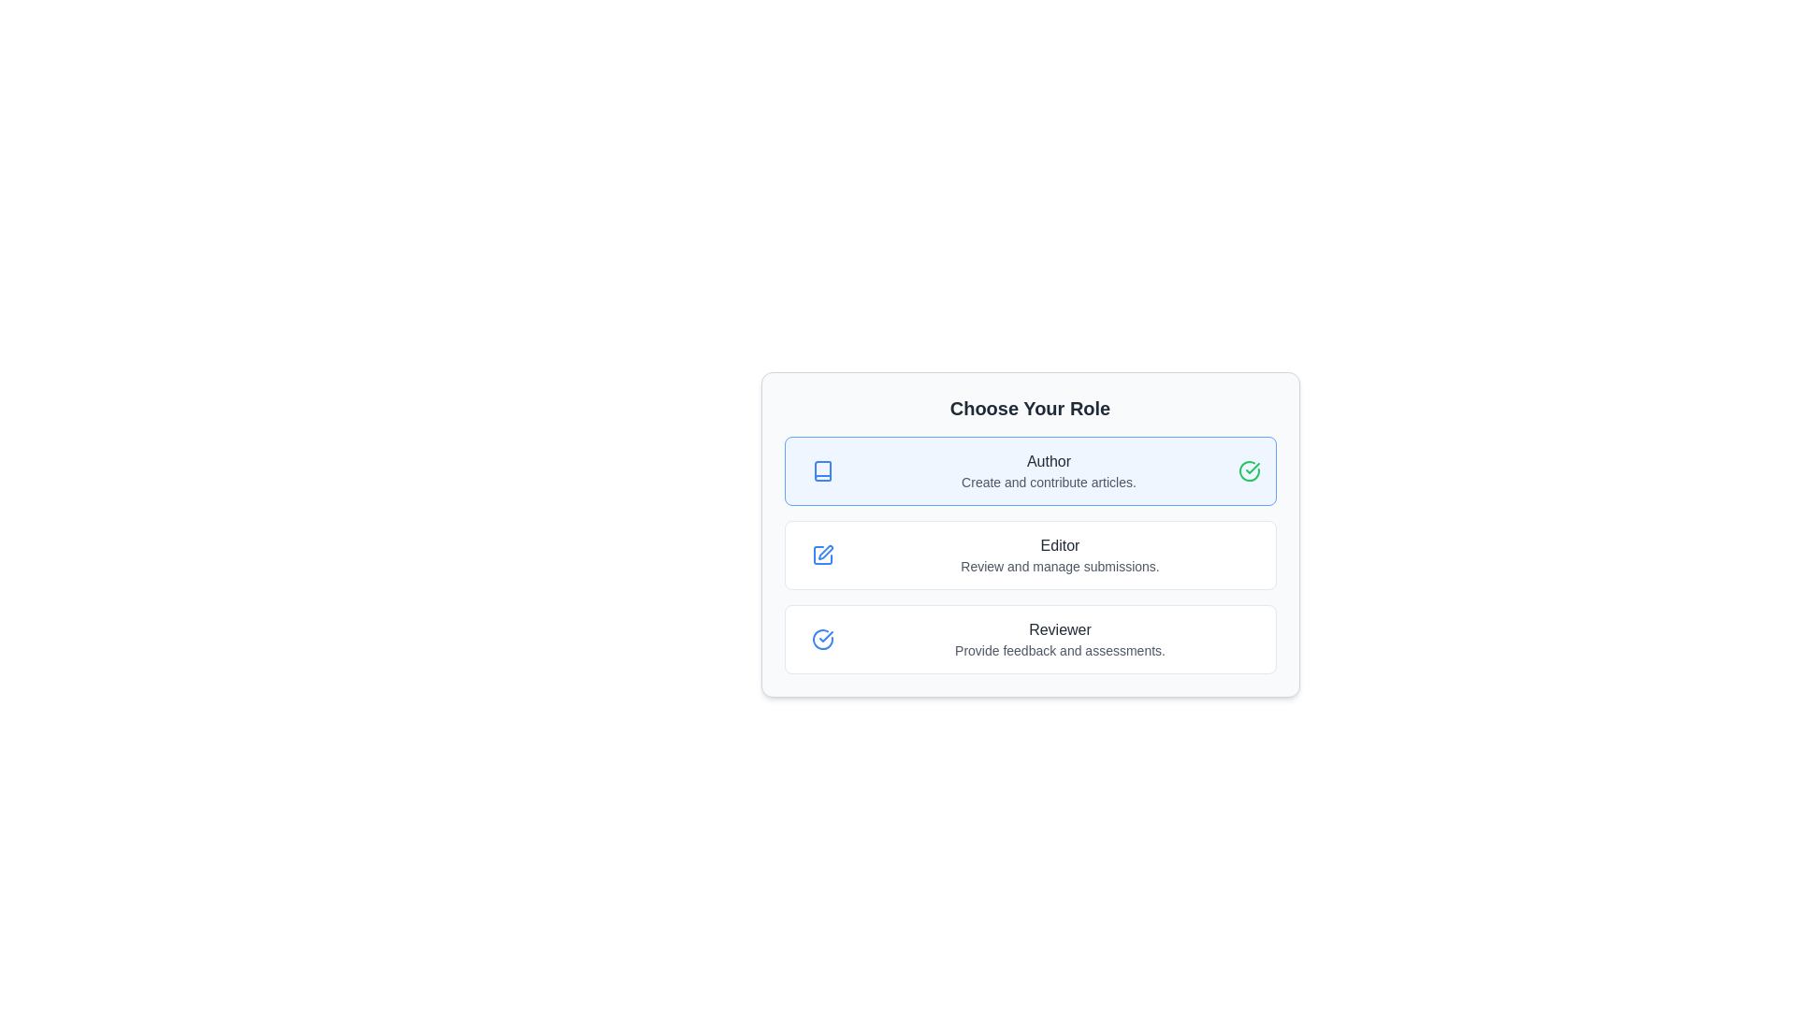 This screenshot has height=1010, width=1796. Describe the element at coordinates (822, 638) in the screenshot. I see `the circular blue check mark icon indicating completed status, located within the 'Reviewer' row in the 'Choose Your Role' menu` at that location.